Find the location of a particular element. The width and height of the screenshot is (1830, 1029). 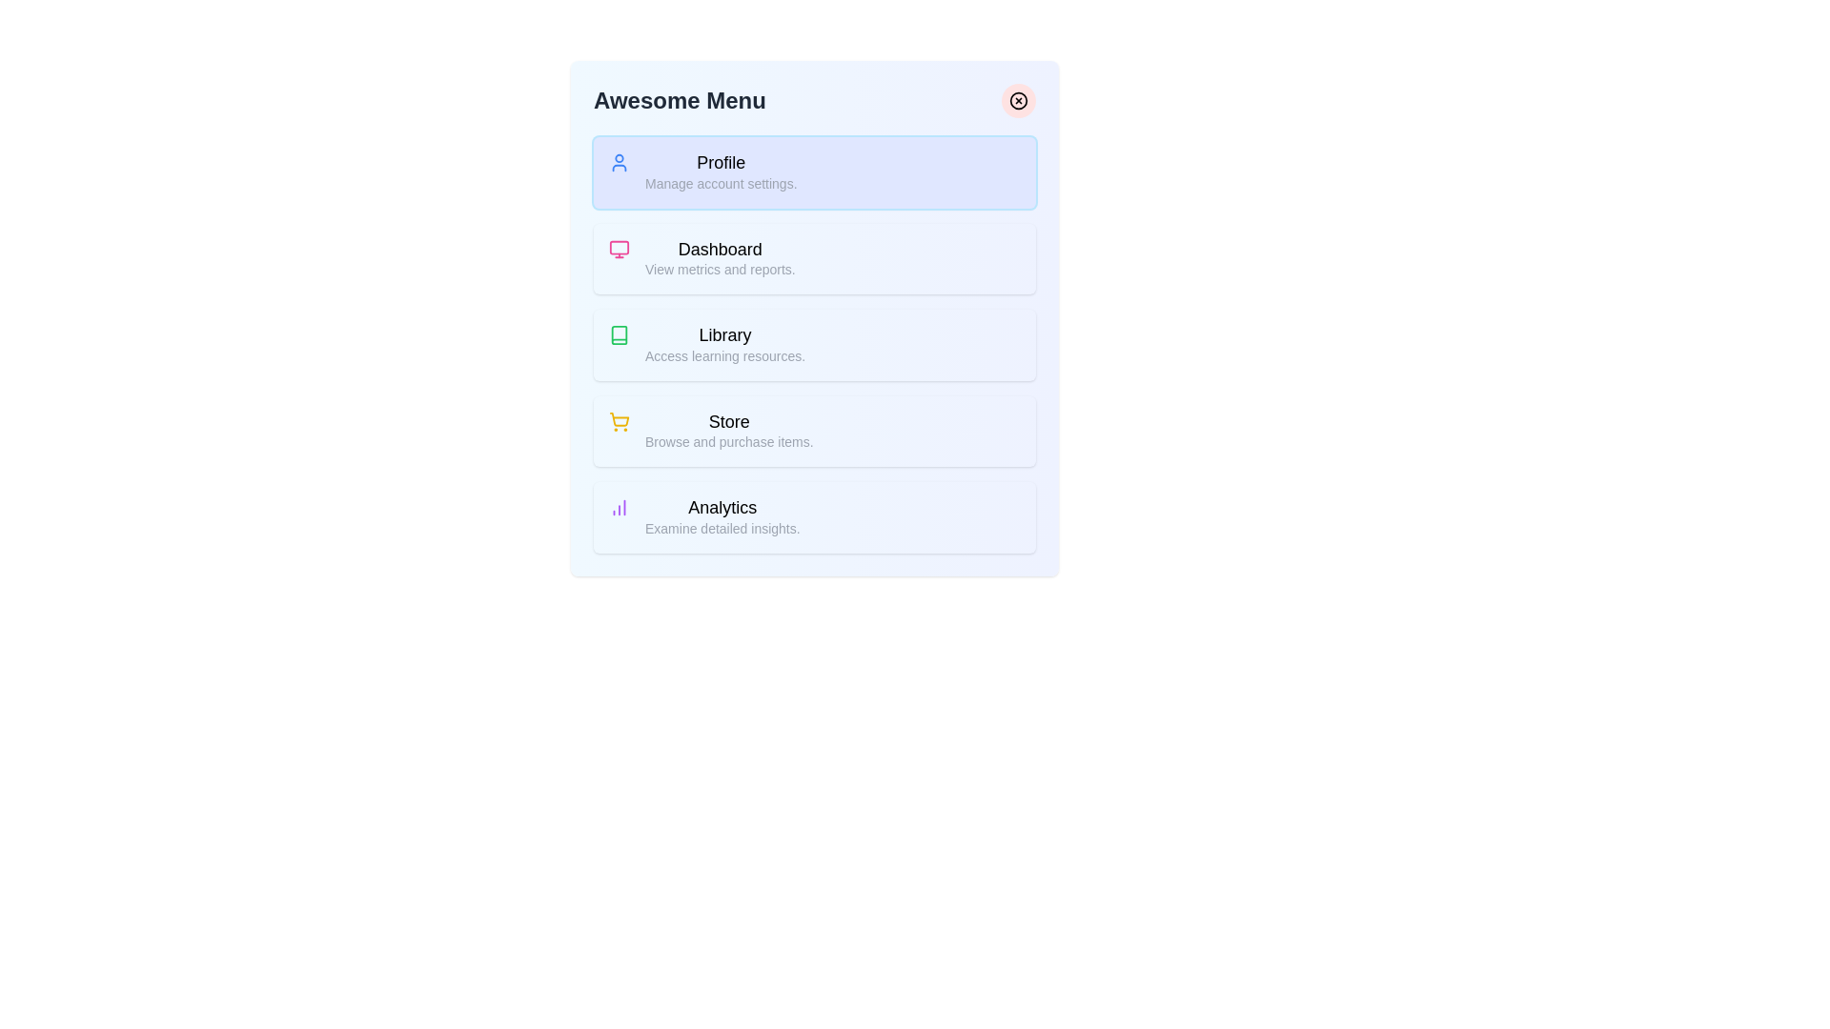

the menu item labeled Store to preview its hover state is located at coordinates (814, 431).